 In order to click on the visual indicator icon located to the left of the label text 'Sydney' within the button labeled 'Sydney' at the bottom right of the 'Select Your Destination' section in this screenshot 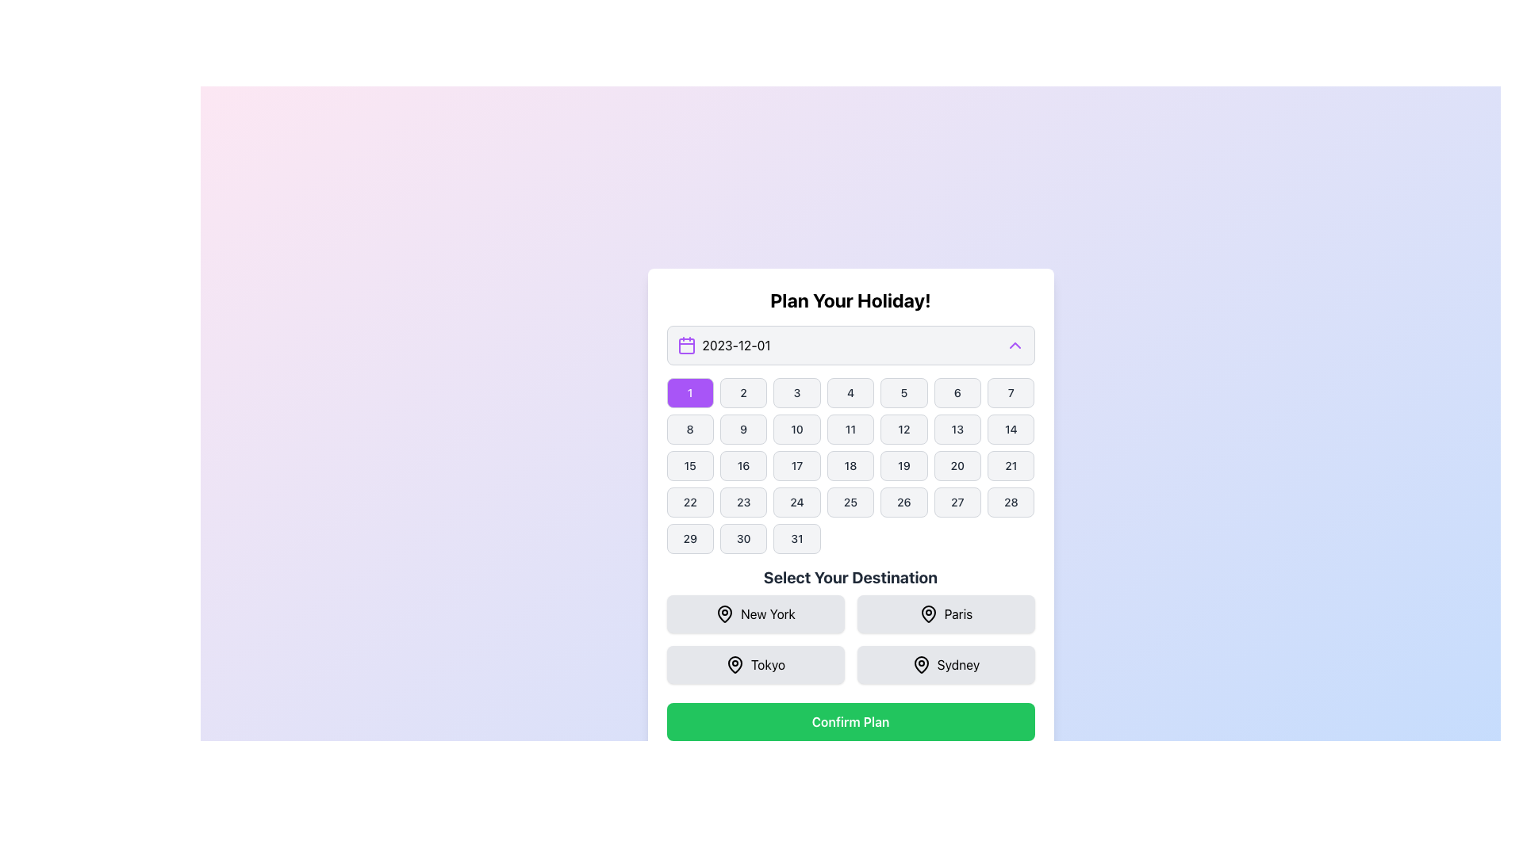, I will do `click(921, 665)`.